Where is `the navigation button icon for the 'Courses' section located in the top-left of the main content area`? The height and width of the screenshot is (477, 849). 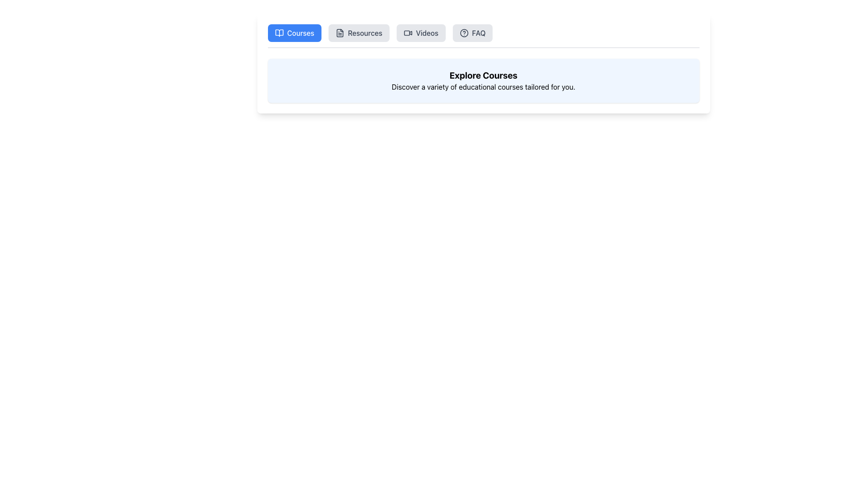 the navigation button icon for the 'Courses' section located in the top-left of the main content area is located at coordinates (279, 32).